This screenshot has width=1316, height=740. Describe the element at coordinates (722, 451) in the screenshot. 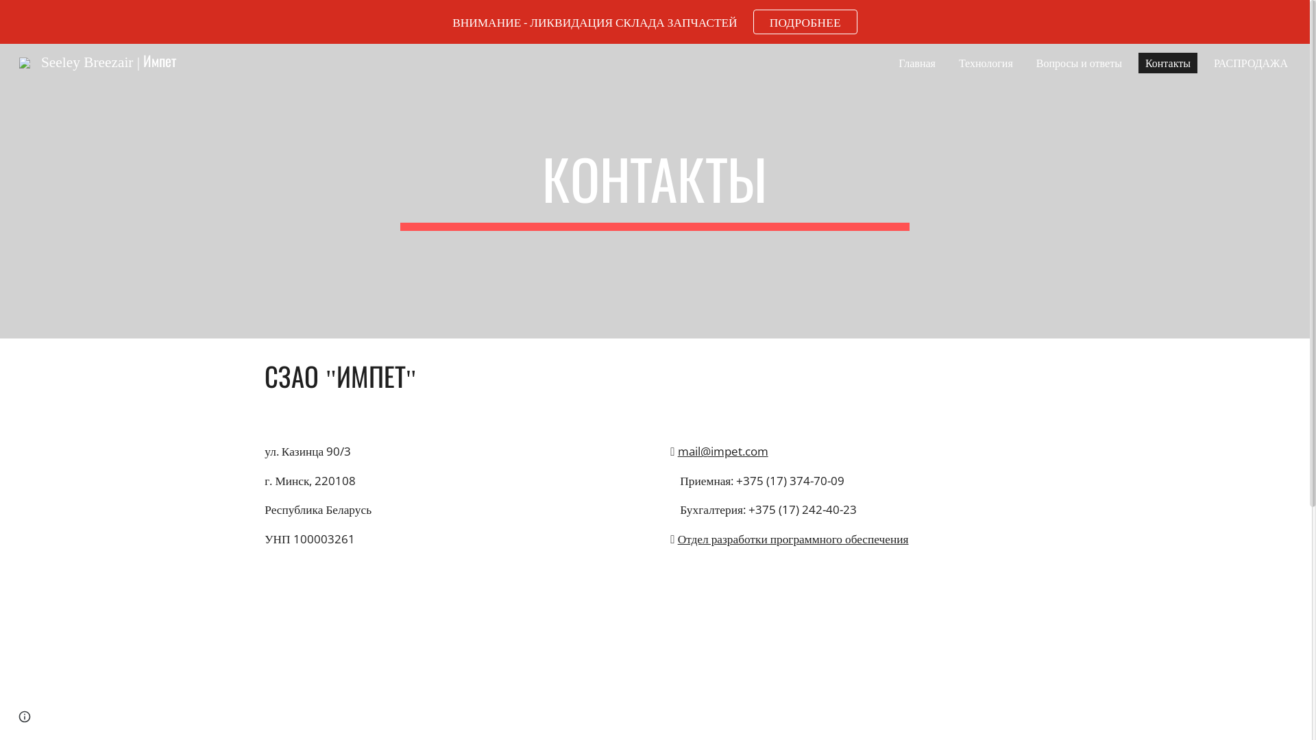

I see `'mail@impet.com'` at that location.